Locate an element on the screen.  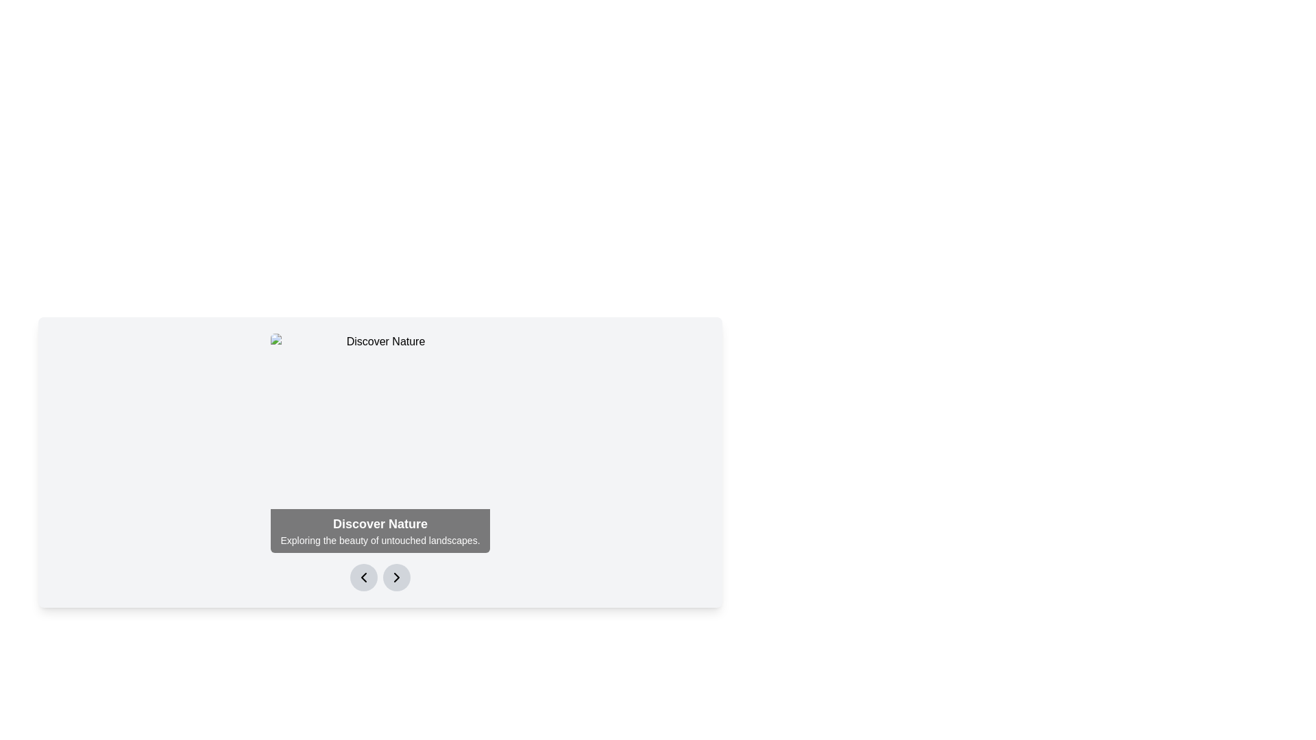
the Chevron arrow icon within the circular button located at the bottom right of the interface to activate any hover effects is located at coordinates (396, 578).